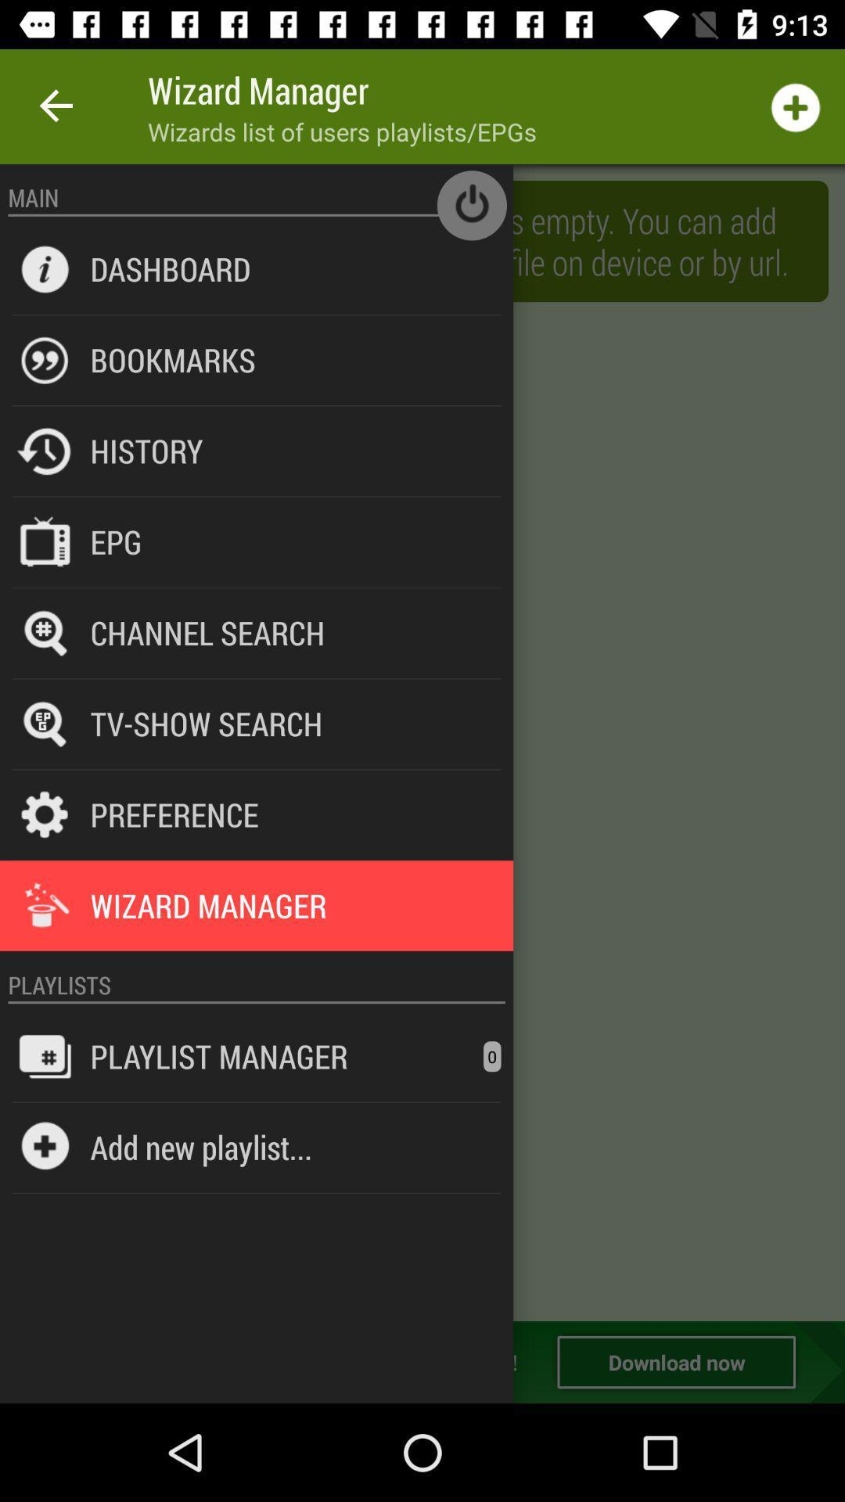 The image size is (845, 1502). I want to click on the download now, so click(675, 1361).